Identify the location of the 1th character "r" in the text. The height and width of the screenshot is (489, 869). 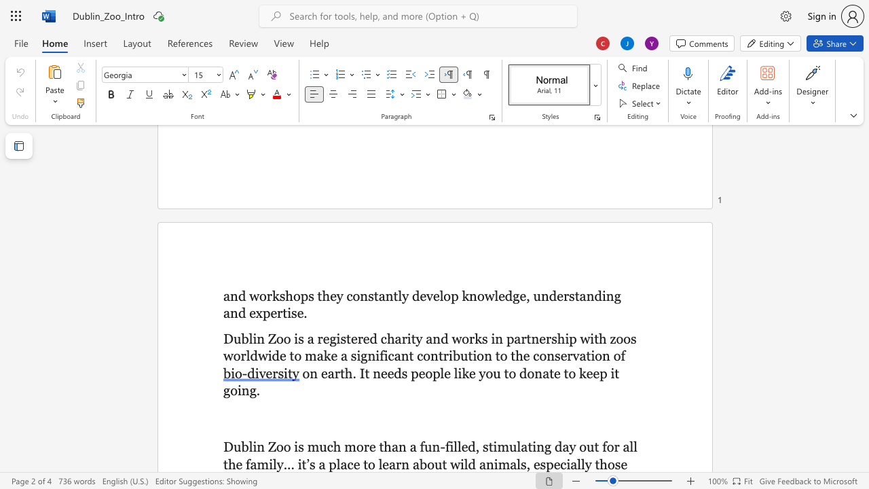
(269, 295).